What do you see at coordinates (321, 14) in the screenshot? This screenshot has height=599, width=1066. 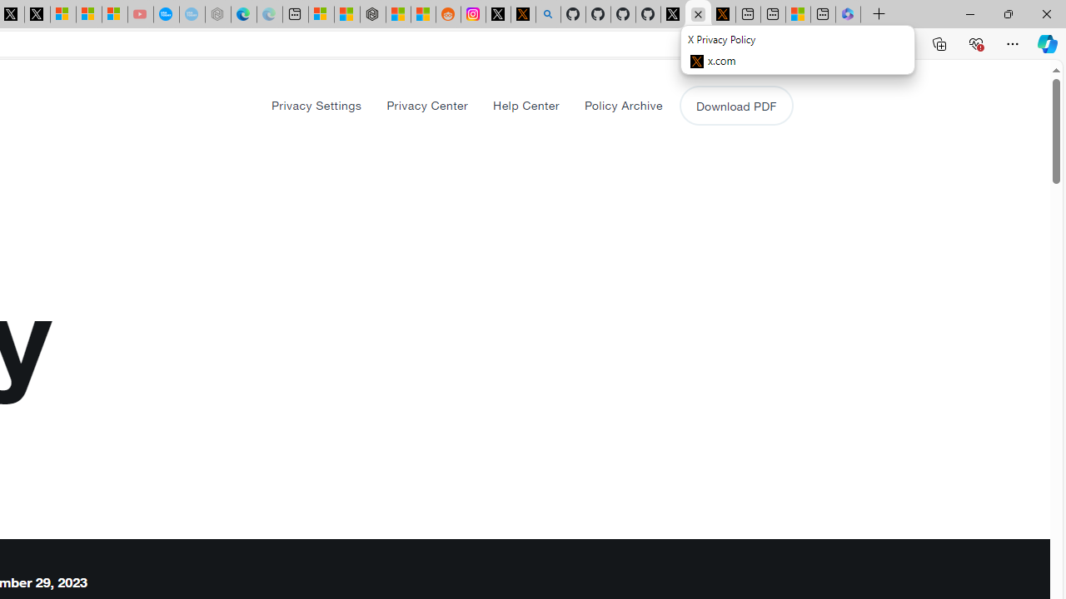 I see `'Microsoft account | Microsoft Account Privacy Settings'` at bounding box center [321, 14].